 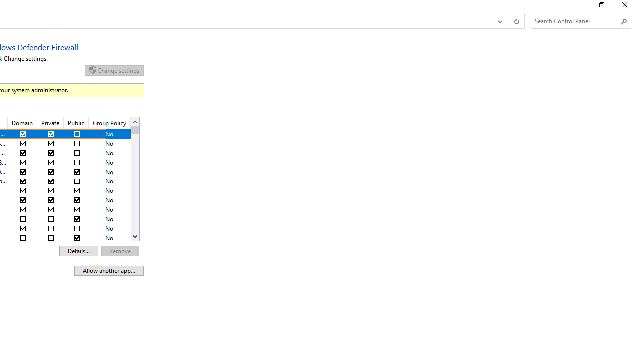 I want to click on 'Details...', so click(x=78, y=250).